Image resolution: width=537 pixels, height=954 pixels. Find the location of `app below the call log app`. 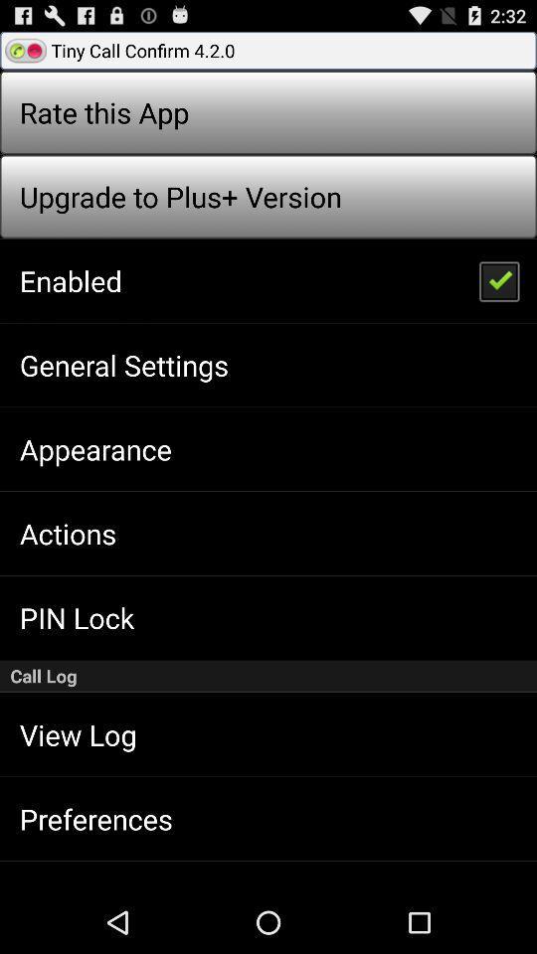

app below the call log app is located at coordinates (77, 733).